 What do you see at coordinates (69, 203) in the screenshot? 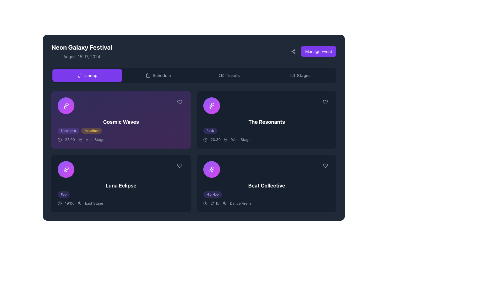
I see `the Text label indicating the time of the event located under 'Luna Eclipse', positioned to the right of a clock icon and to the left of 'East Stage'` at bounding box center [69, 203].